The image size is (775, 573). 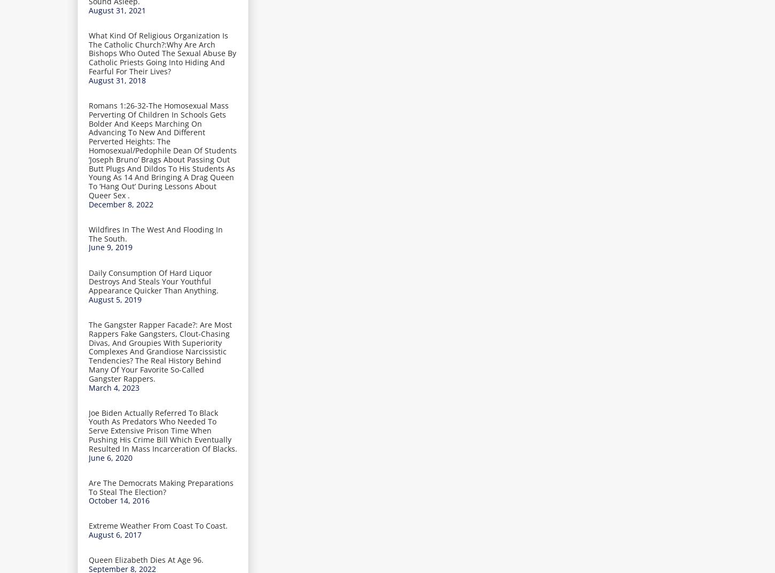 What do you see at coordinates (162, 149) in the screenshot?
I see `'Romans 1:26-32-The Homosexual Mass Perverting Of Children In Schools Gets Bolder And Keeps Marching On Advancing To New And Different Perverted Heights: The Homosexual/Pedophile Dean Of Students ‘Joseph Bruno’ Brags About Passing Out Butt Plugs And Dildos To His Students As Young As 14 And Bringing A Drag Queen To ‘Hang Out’ During Lessons About Queer Sex .'` at bounding box center [162, 149].